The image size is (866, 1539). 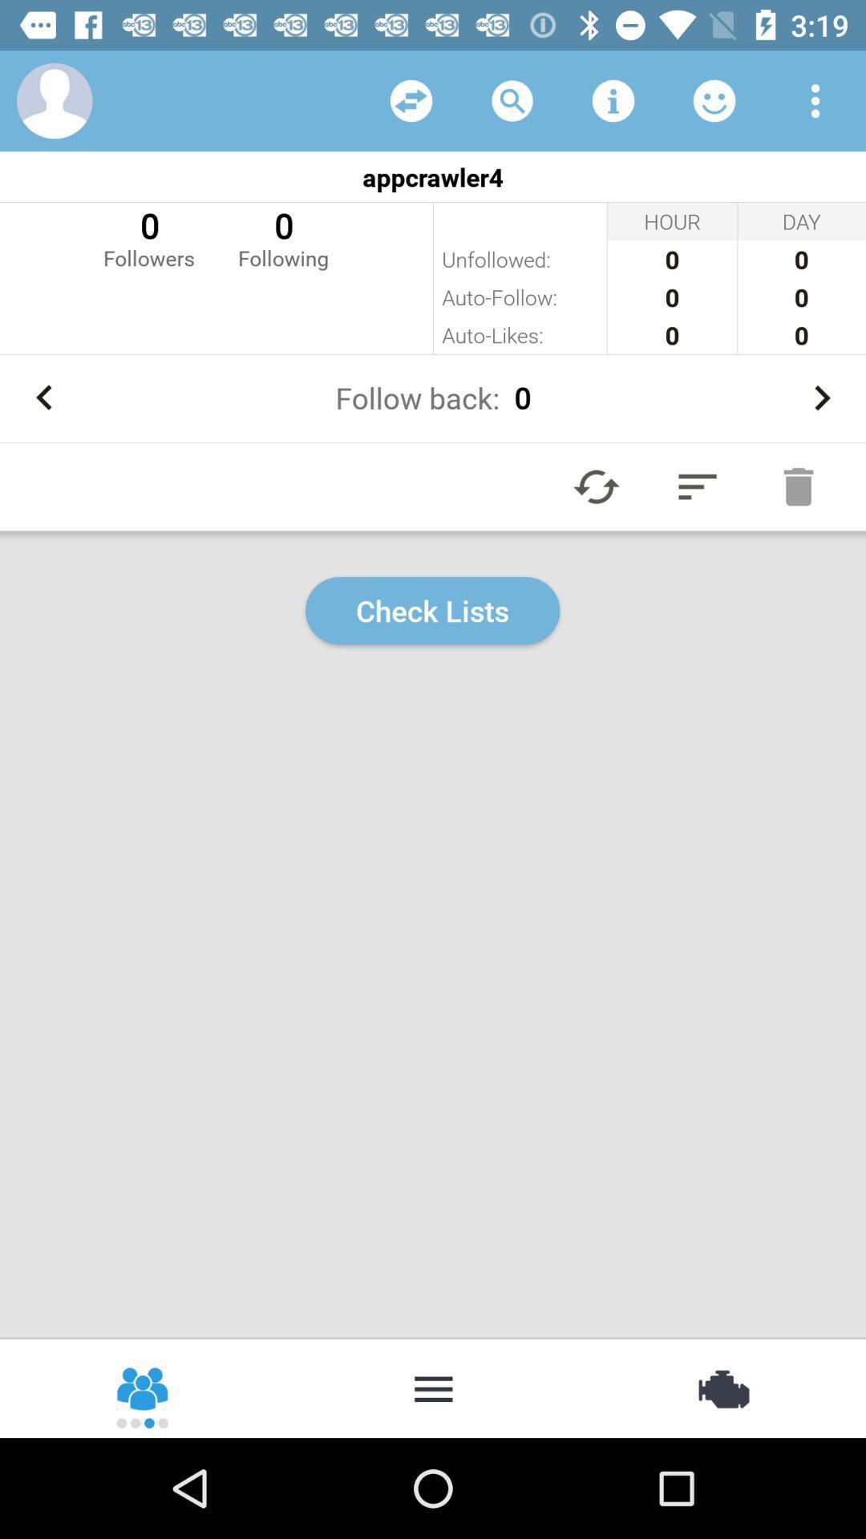 What do you see at coordinates (821, 398) in the screenshot?
I see `next screen` at bounding box center [821, 398].